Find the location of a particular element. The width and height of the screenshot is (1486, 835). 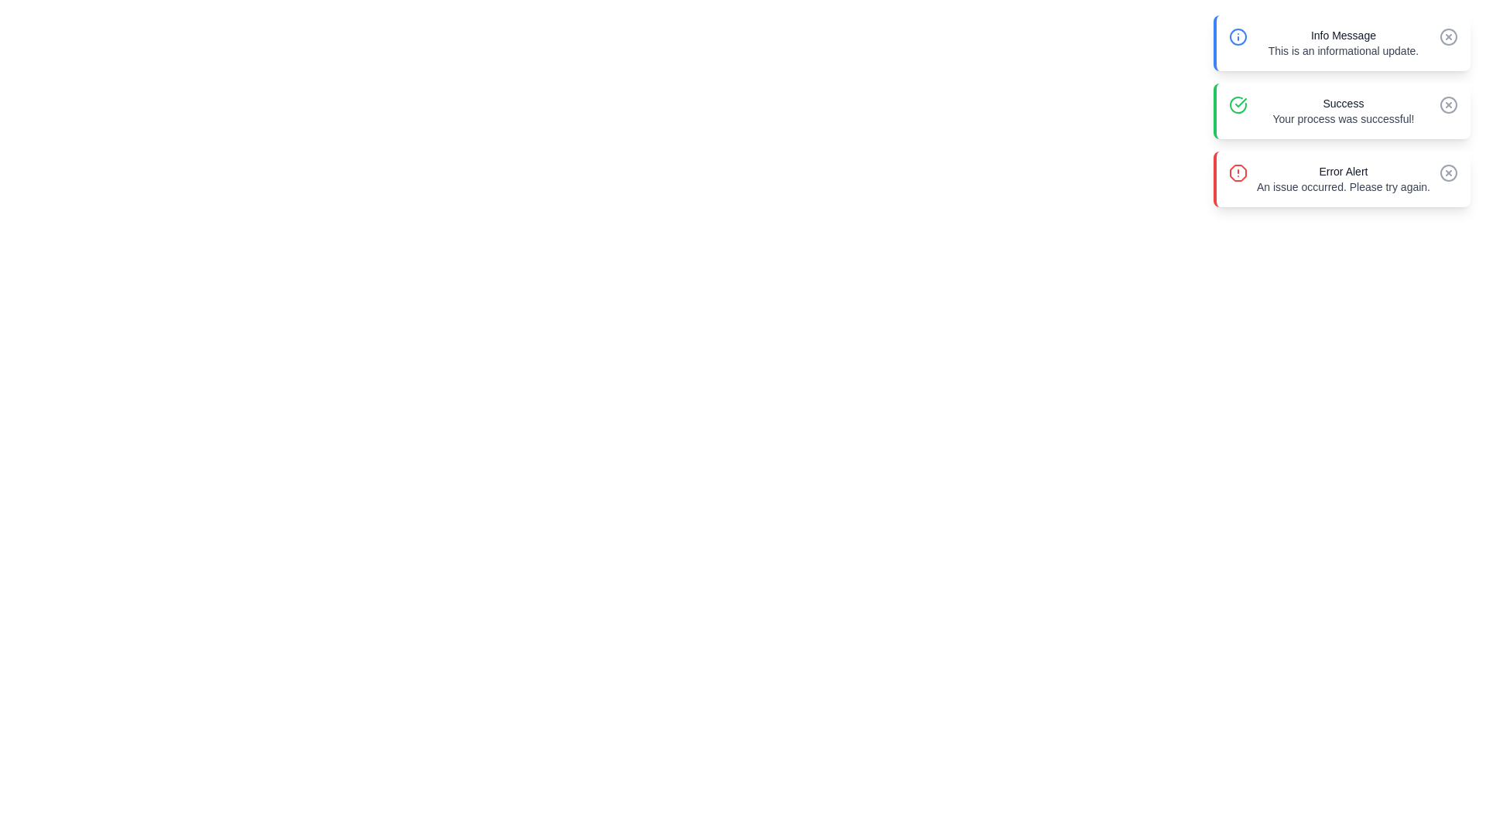

text content of the alert component with a red border on its left edge, displaying 'Error Alert' and the message 'An issue occurred. Please try again.' is located at coordinates (1340, 178).